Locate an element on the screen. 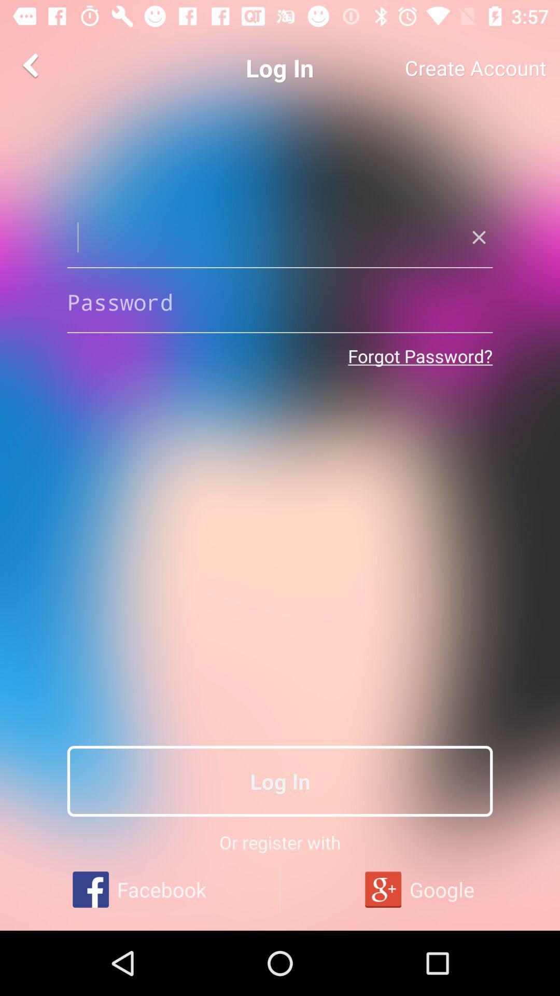  the arrow_backward icon is located at coordinates (32, 64).